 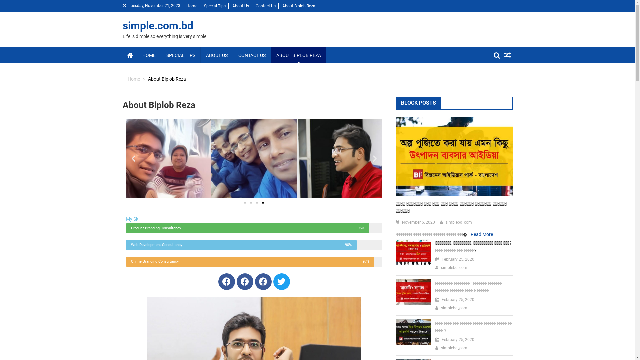 What do you see at coordinates (454, 348) in the screenshot?
I see `'simplebd_com'` at bounding box center [454, 348].